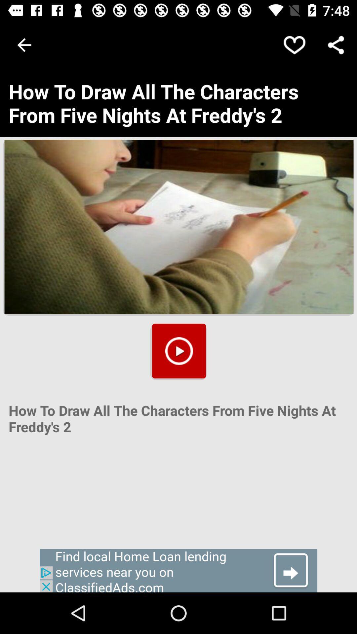  Describe the element at coordinates (179, 350) in the screenshot. I see `the play icon` at that location.